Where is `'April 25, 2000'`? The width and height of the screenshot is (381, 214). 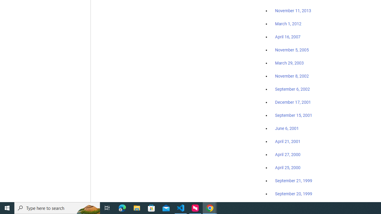 'April 25, 2000' is located at coordinates (288, 168).